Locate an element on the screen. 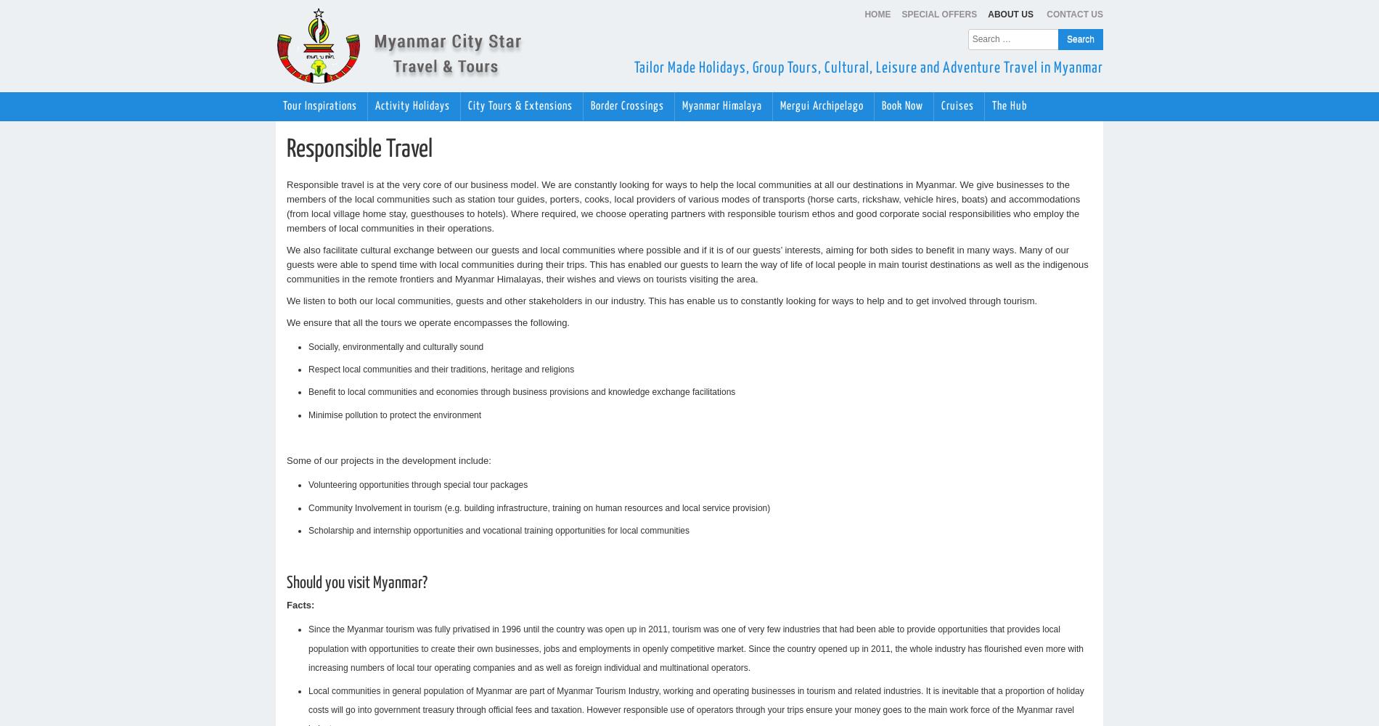  'We listen to both our local communities, guests and other stakeholders in our industry. This has enable us to constantly looking for ways to help and to get involved through tourism.' is located at coordinates (661, 300).